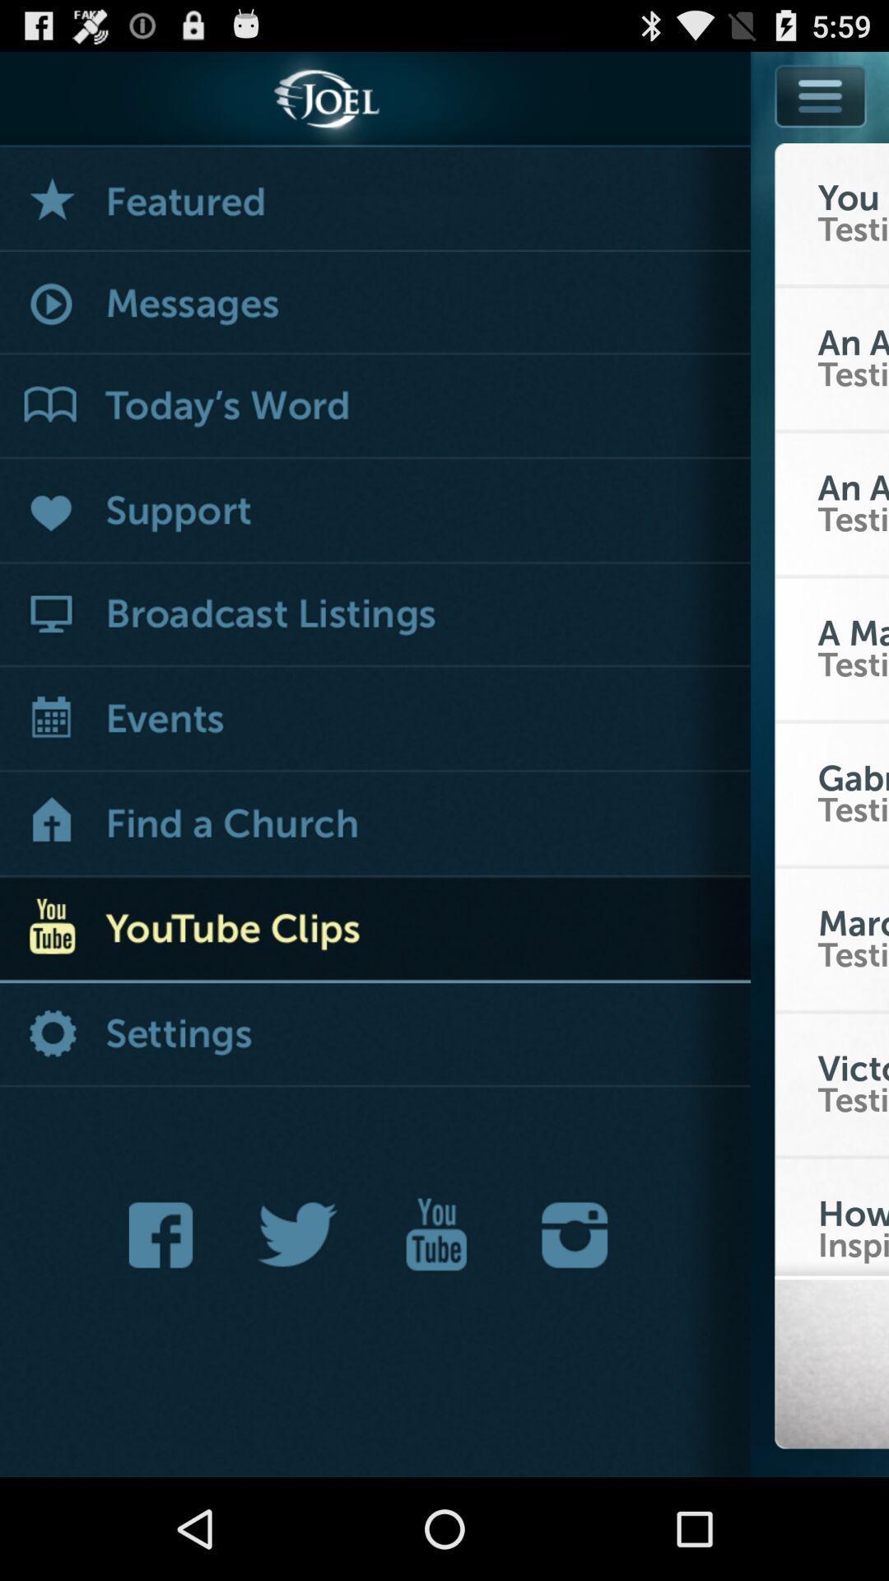  Describe the element at coordinates (375, 407) in the screenshot. I see `the word list` at that location.